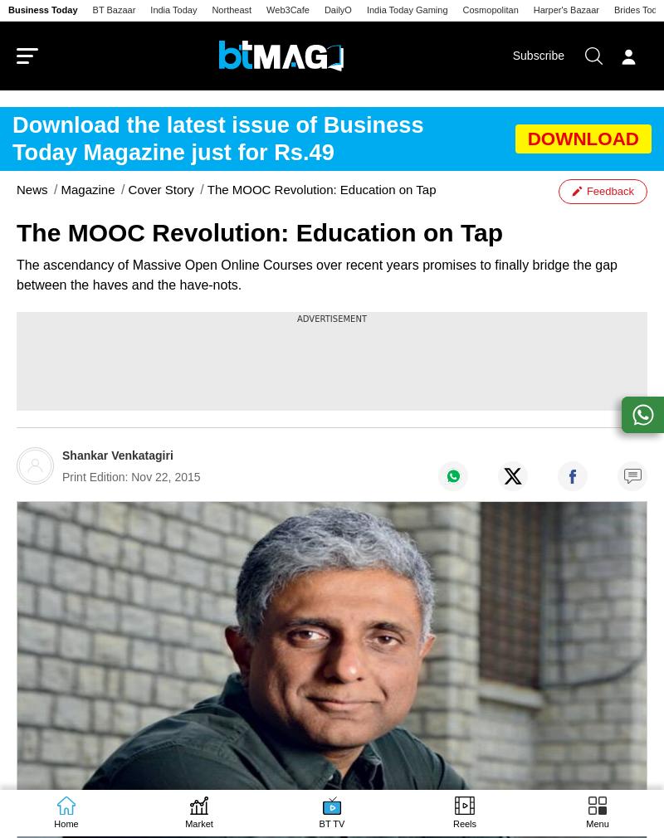 This screenshot has height=838, width=664. Describe the element at coordinates (44, 797) in the screenshot. I see `'The Buzz'` at that location.